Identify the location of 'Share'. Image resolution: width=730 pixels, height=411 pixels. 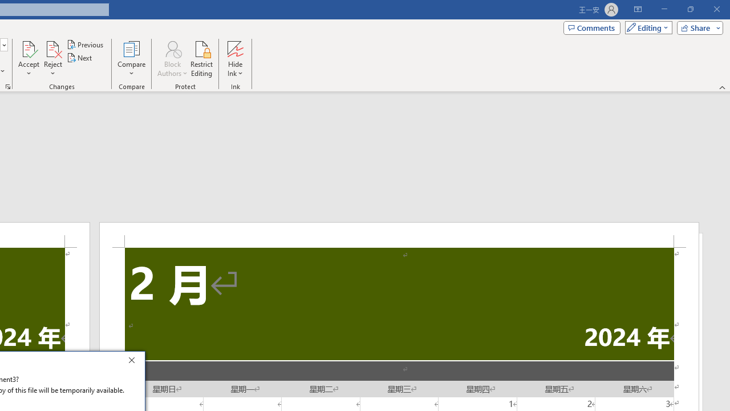
(697, 27).